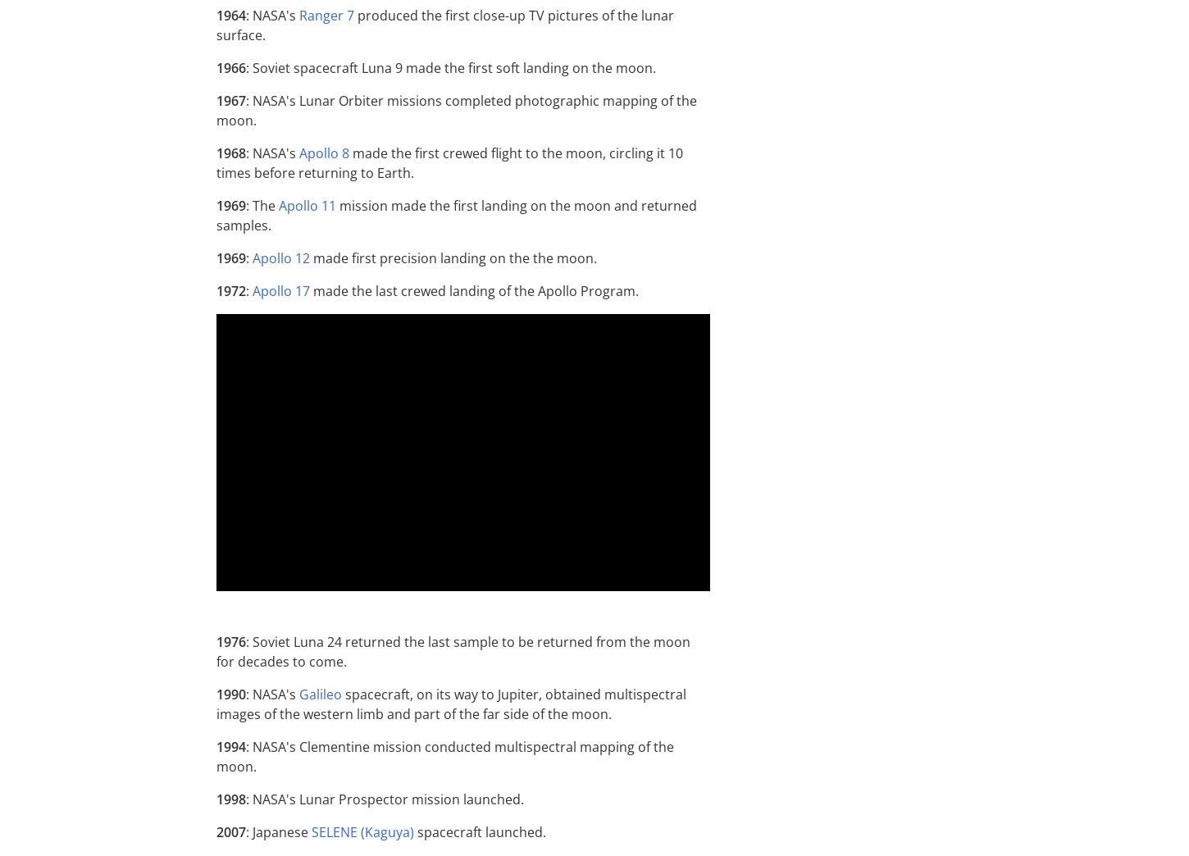  I want to click on 'Apollo 11', so click(306, 205).